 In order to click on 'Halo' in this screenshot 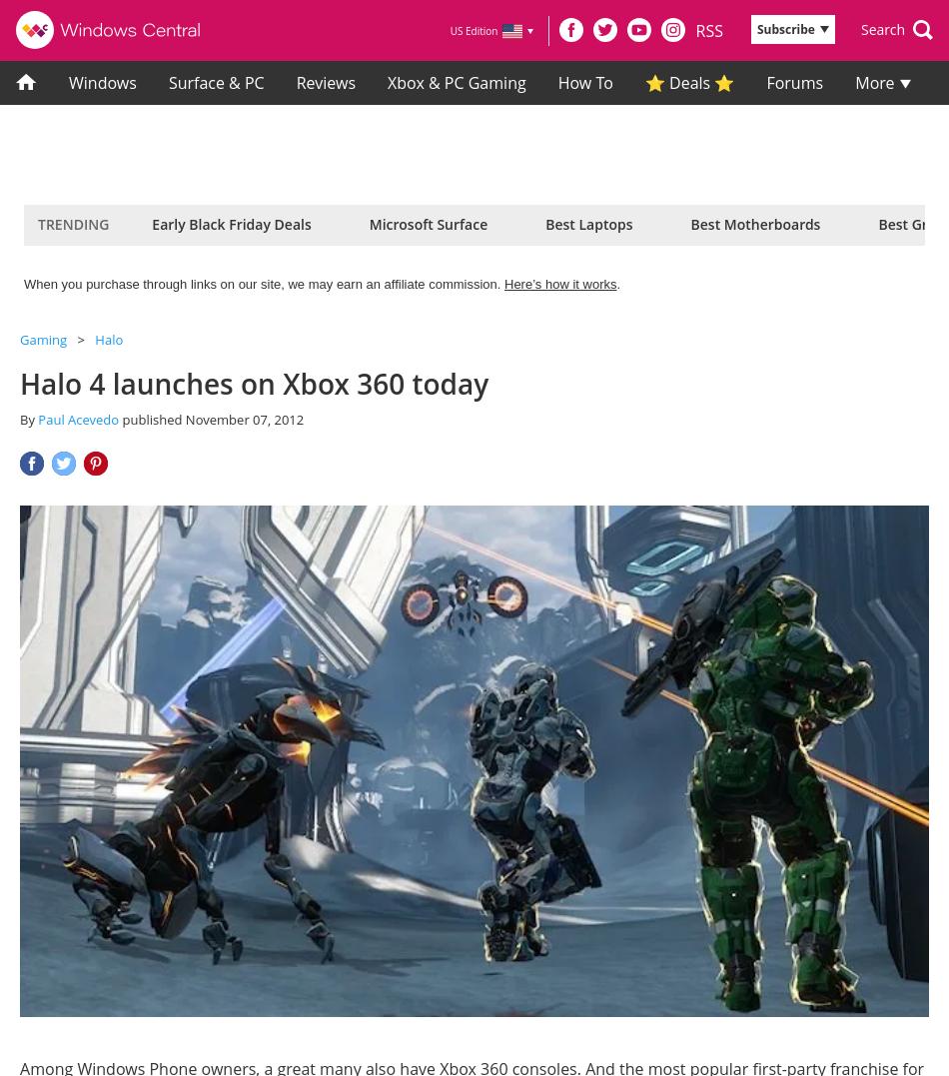, I will do `click(108, 339)`.